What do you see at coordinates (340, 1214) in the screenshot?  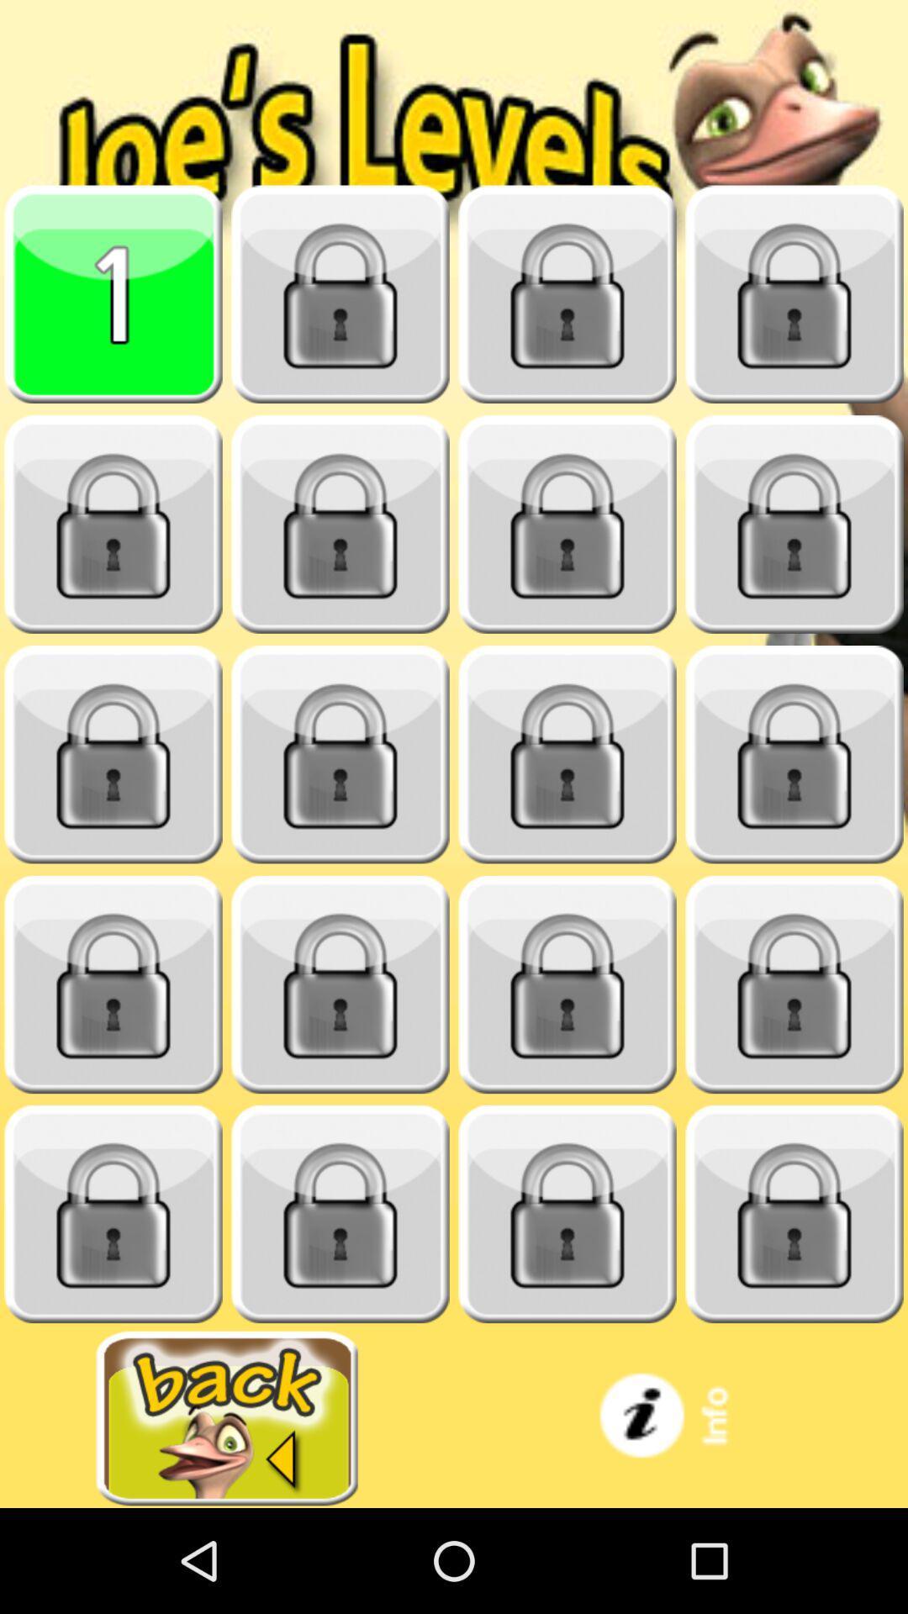 I see `click lock button` at bounding box center [340, 1214].